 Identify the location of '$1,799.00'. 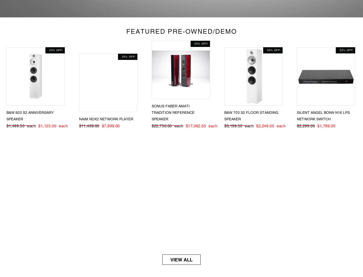
(317, 126).